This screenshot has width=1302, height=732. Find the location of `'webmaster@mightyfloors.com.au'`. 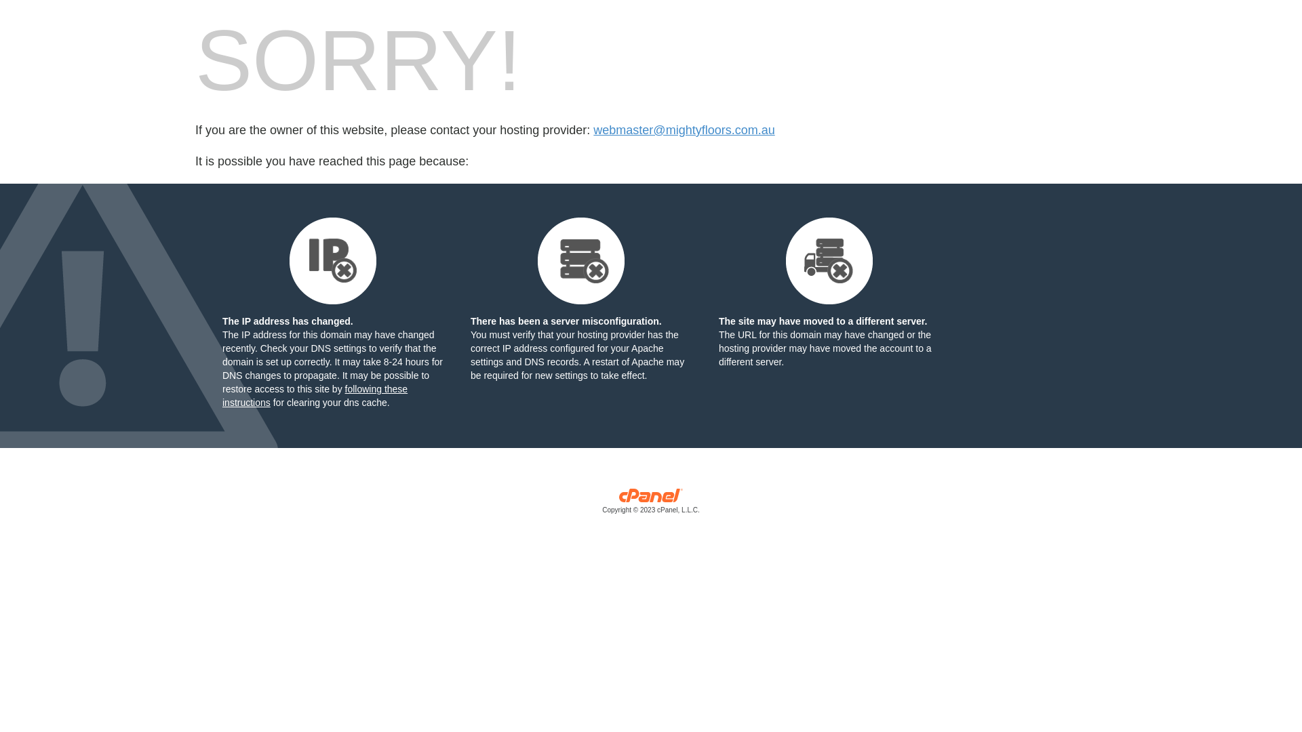

'webmaster@mightyfloors.com.au' is located at coordinates (684, 130).